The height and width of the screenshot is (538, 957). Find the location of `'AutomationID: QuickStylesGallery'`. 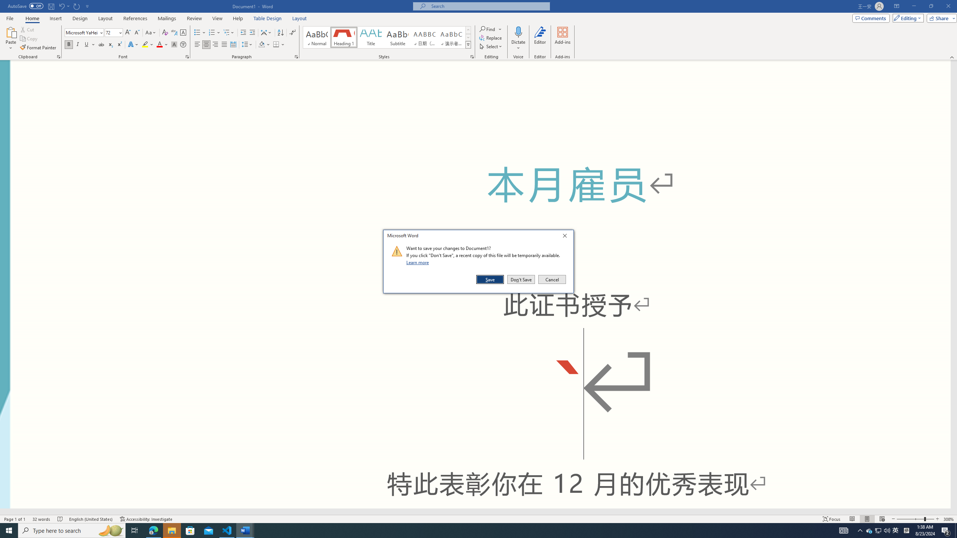

'AutomationID: QuickStylesGallery' is located at coordinates (387, 37).